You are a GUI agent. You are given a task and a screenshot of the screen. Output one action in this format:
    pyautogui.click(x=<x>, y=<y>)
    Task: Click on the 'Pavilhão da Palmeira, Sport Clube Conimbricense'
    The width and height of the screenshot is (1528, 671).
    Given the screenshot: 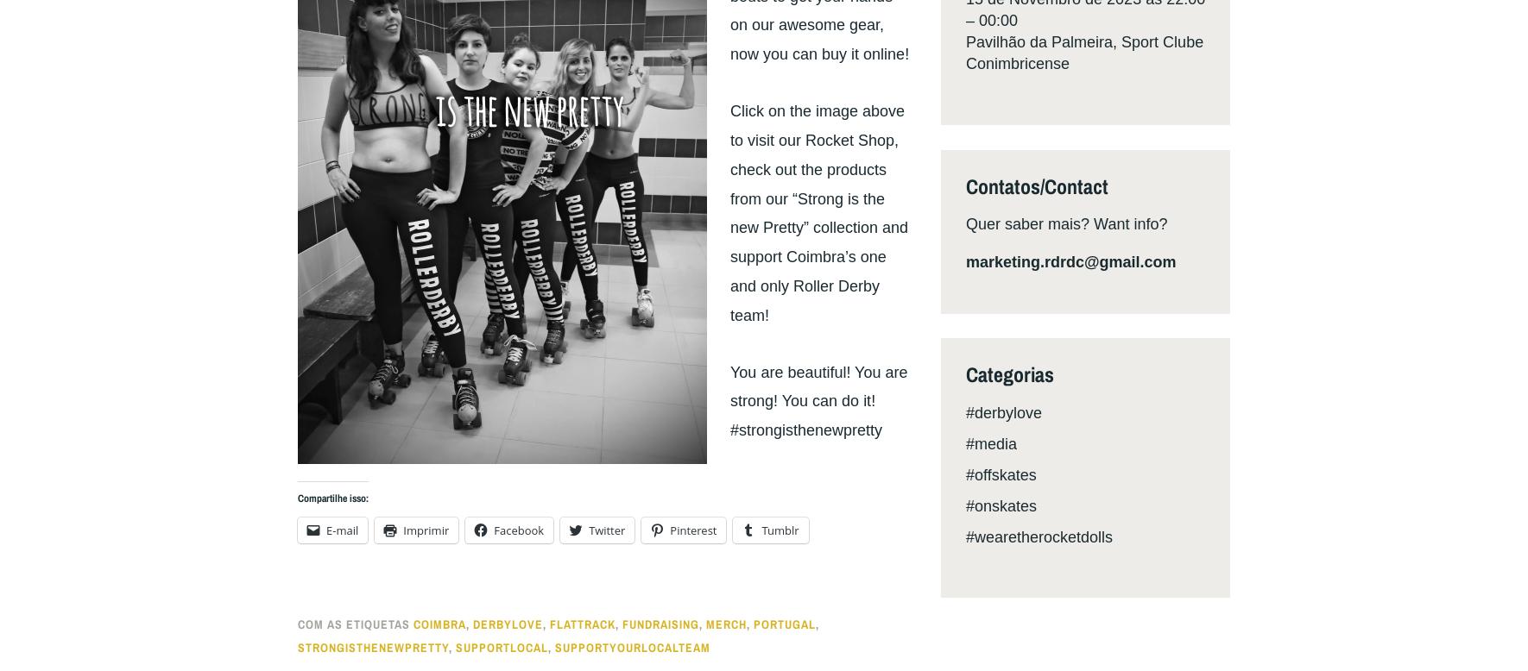 What is the action you would take?
    pyautogui.click(x=1083, y=53)
    